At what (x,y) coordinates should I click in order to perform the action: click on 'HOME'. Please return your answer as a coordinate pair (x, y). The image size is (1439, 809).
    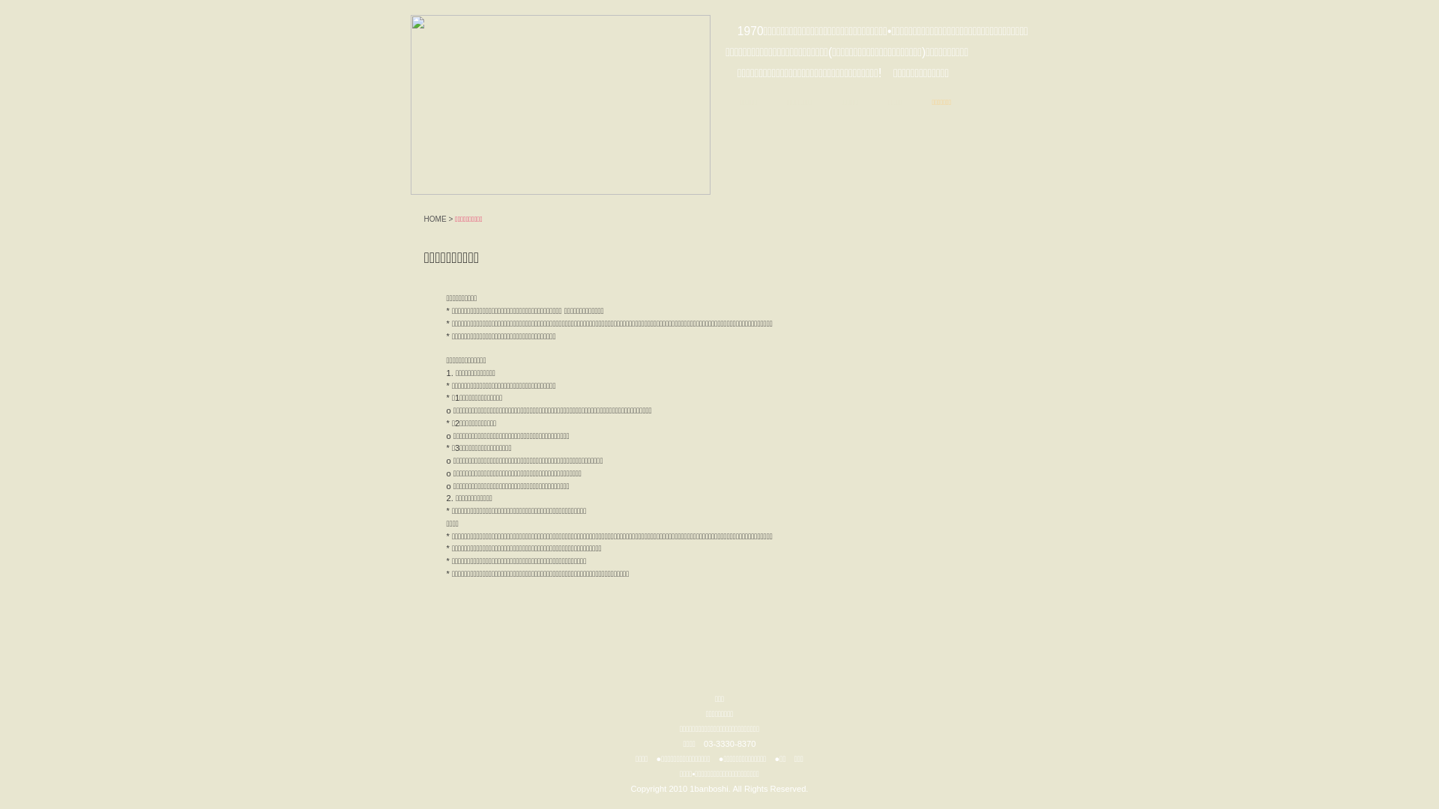
    Looking at the image, I should click on (434, 219).